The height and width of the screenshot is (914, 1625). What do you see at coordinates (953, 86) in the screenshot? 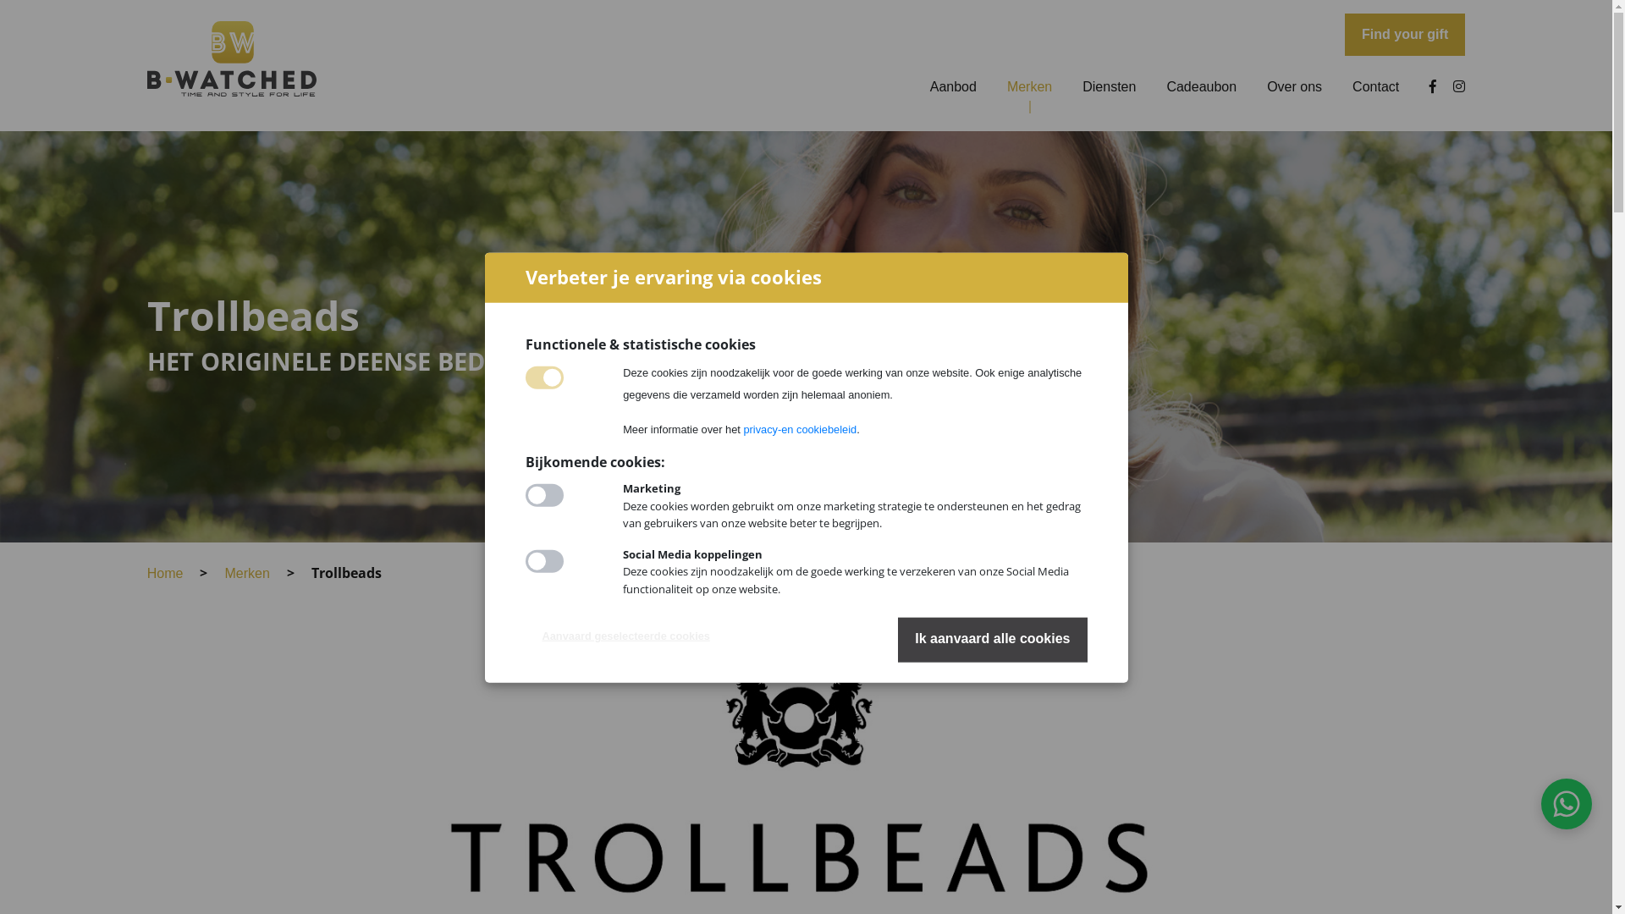
I see `'Aanbod'` at bounding box center [953, 86].